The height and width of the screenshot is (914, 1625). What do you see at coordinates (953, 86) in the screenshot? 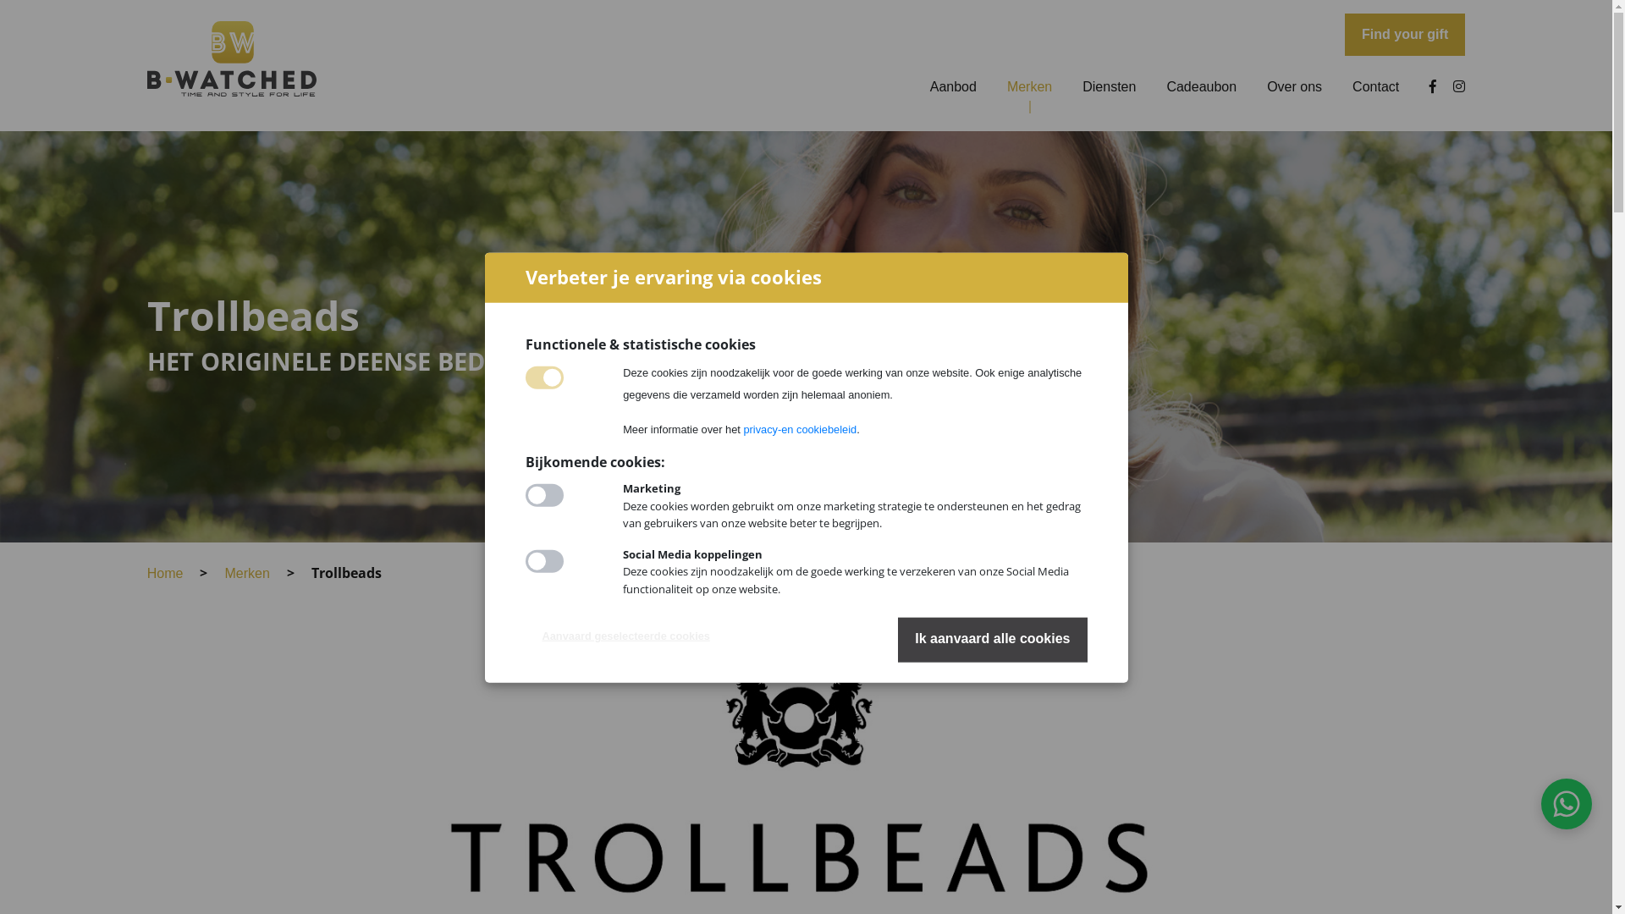
I see `'Aanbod'` at bounding box center [953, 86].